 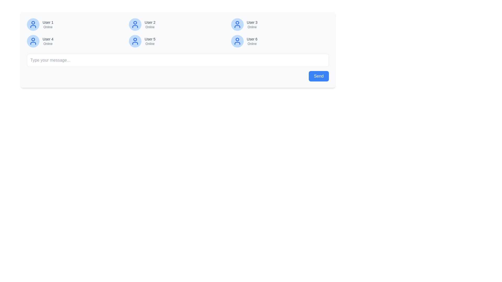 I want to click on the 'Online' text label, which is positioned below 'User 4' in the user information section of the grid, so click(x=48, y=44).